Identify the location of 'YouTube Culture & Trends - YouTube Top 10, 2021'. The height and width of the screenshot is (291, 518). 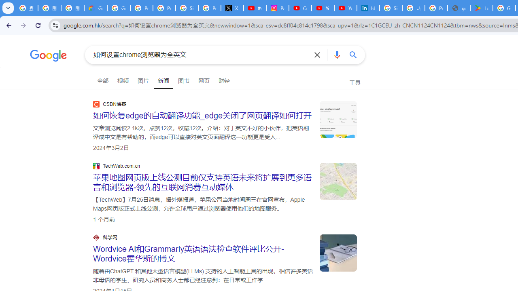
(345, 8).